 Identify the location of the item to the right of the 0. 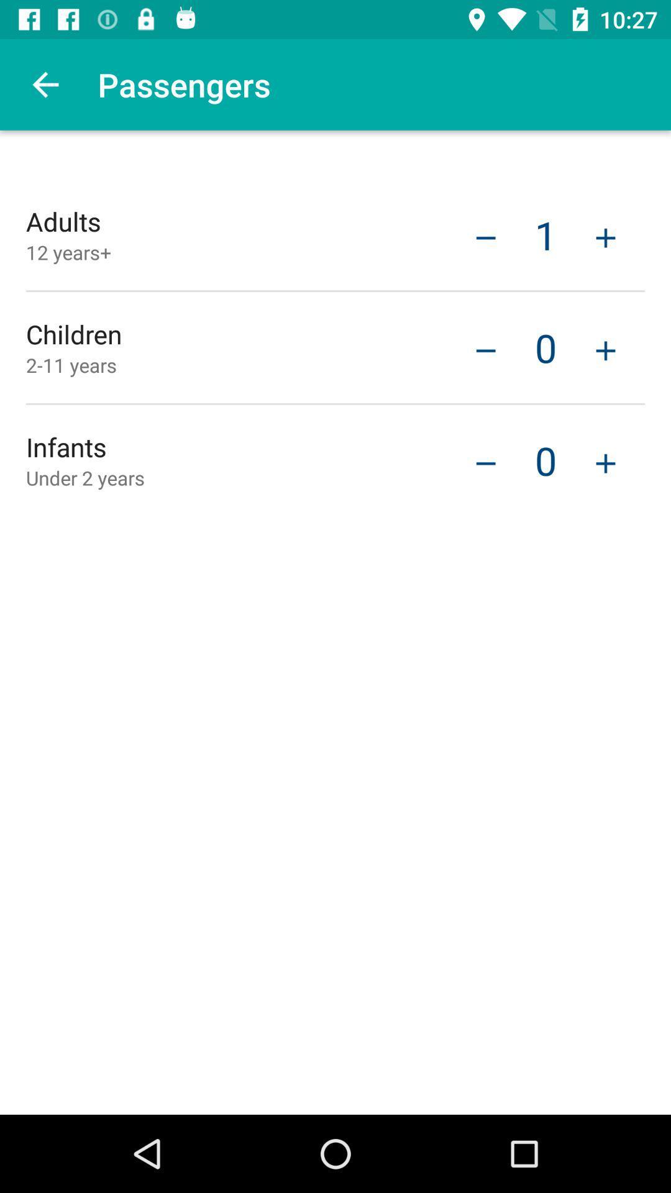
(605, 349).